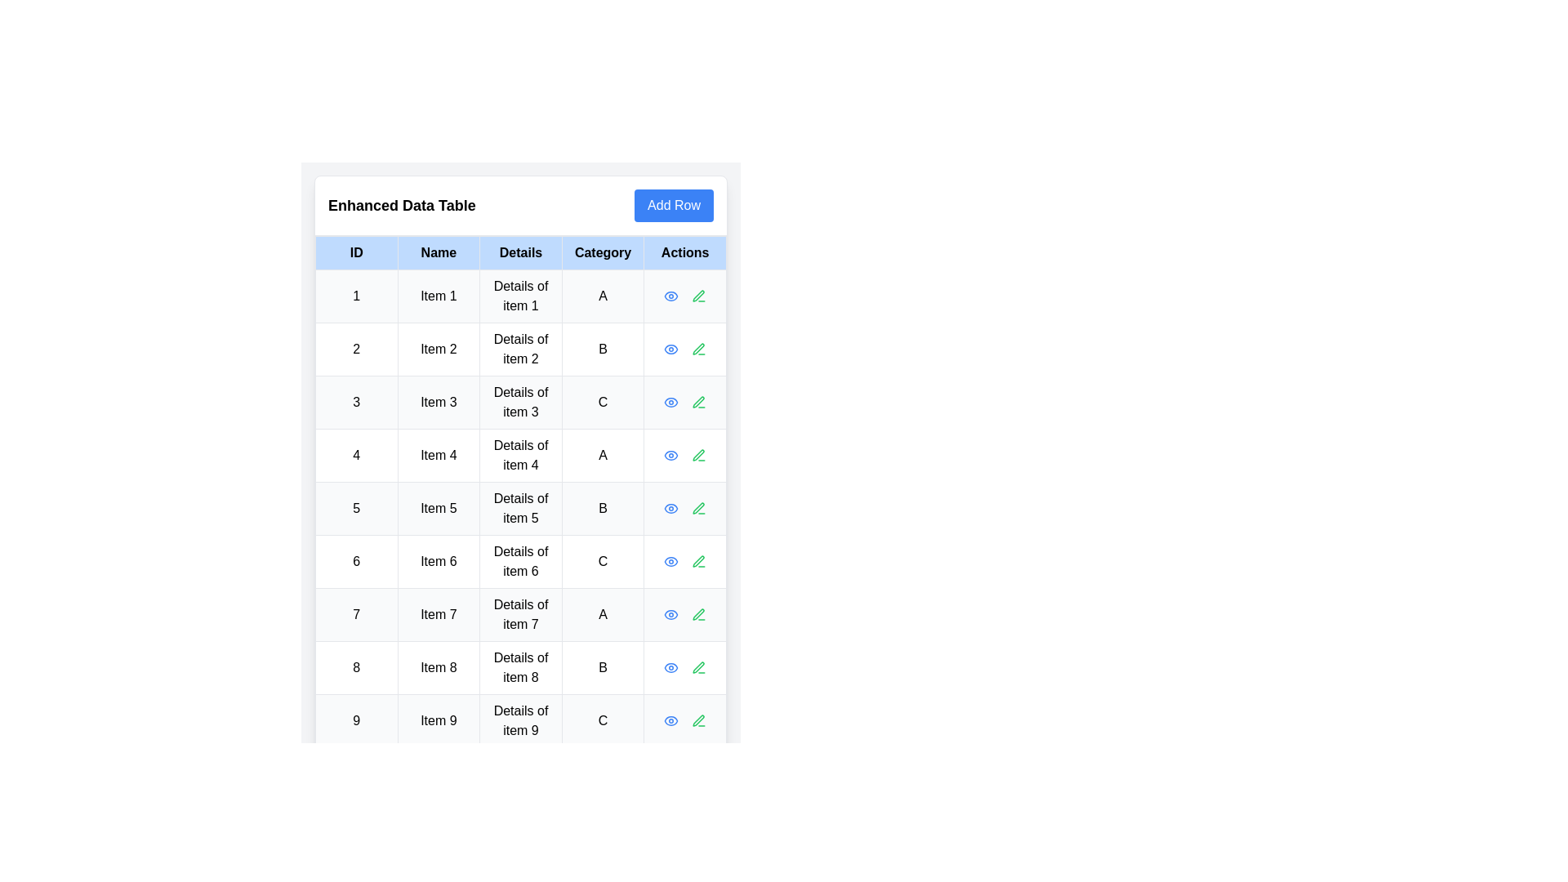  I want to click on the table cell displaying the ID value '8' to focus on it, so click(355, 667).